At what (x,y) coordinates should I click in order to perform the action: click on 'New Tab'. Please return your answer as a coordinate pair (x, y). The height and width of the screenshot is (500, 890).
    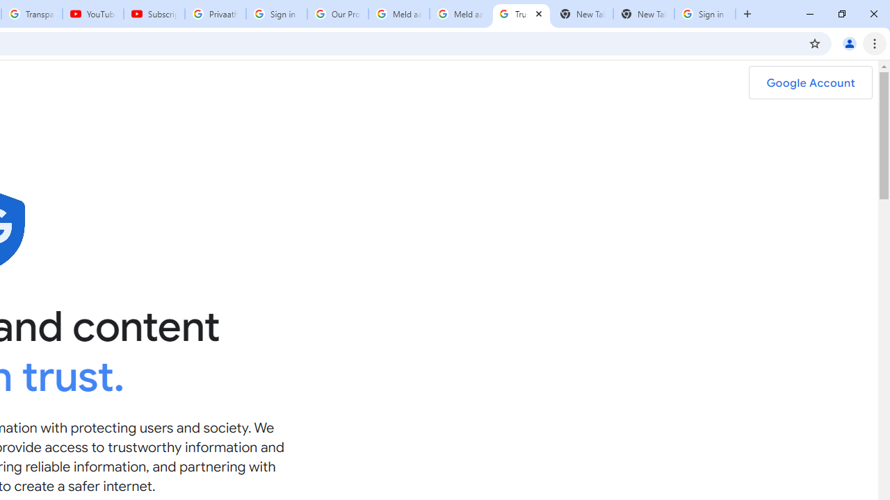
    Looking at the image, I should click on (643, 14).